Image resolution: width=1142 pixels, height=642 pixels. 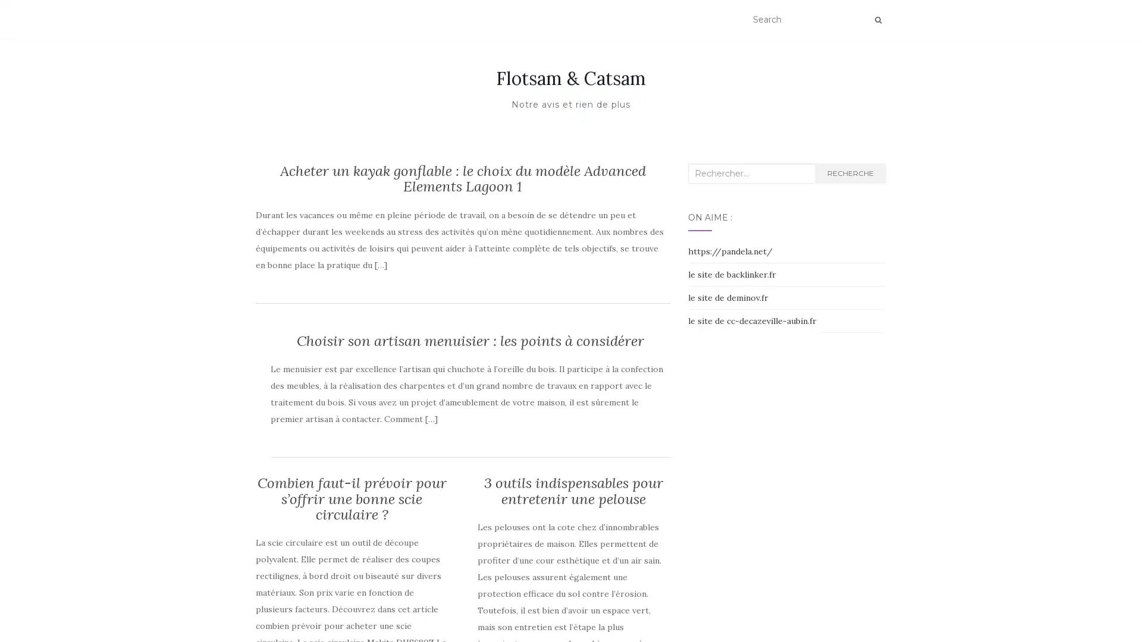 I want to click on RECHERCHE, so click(x=849, y=174).